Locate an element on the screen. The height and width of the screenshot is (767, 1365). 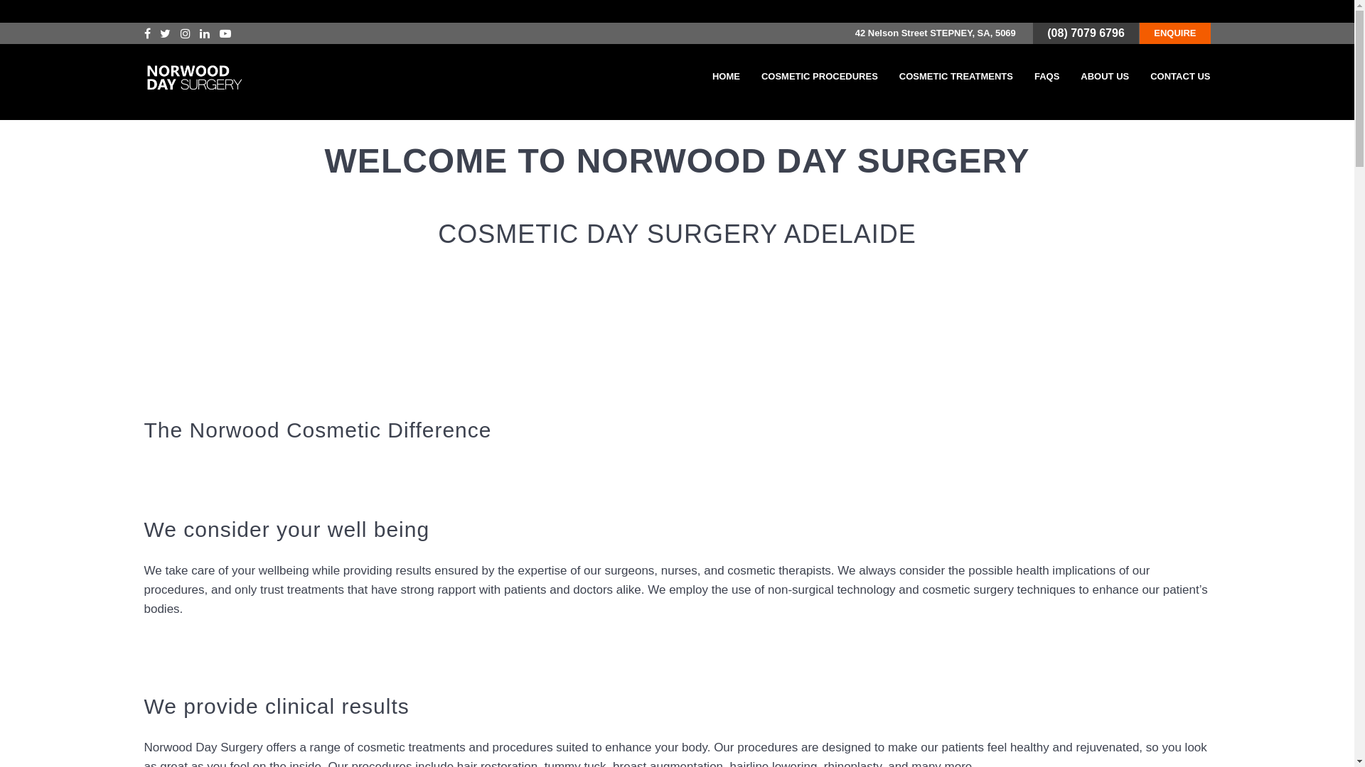
'HOME' is located at coordinates (726, 77).